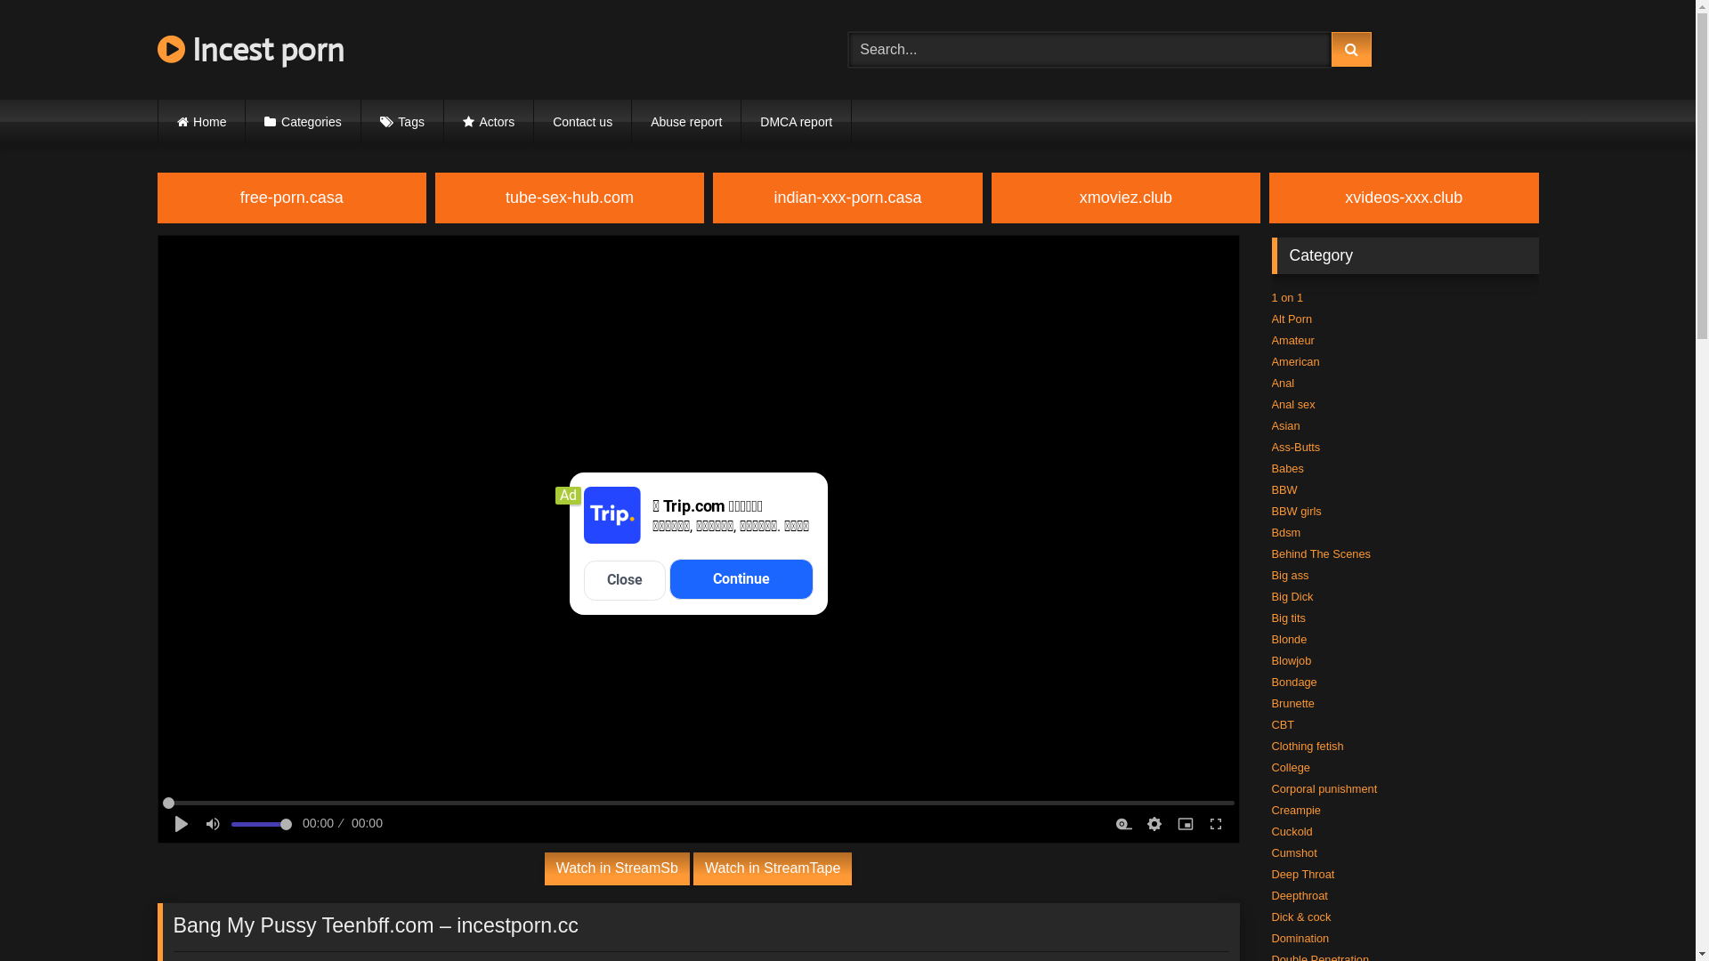  Describe the element at coordinates (1285, 531) in the screenshot. I see `'Bdsm'` at that location.